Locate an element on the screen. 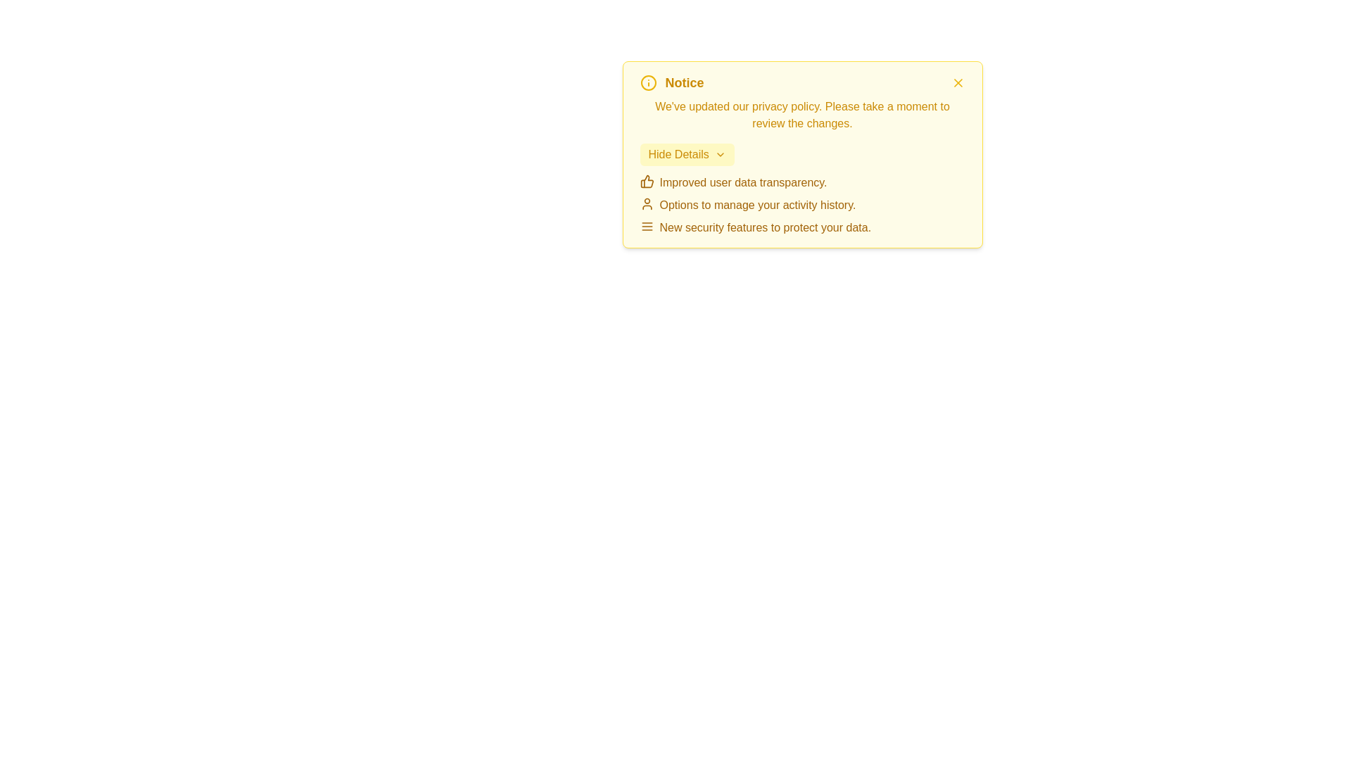 The height and width of the screenshot is (760, 1351). the descriptive text label located within the list of features under the notice card, specifically the second item positioned between 'Improved user data transparency.' and 'New security features to protect your data.' is located at coordinates (756, 205).